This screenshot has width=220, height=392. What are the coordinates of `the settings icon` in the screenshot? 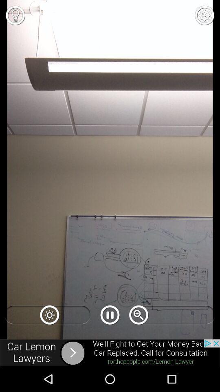 It's located at (204, 15).